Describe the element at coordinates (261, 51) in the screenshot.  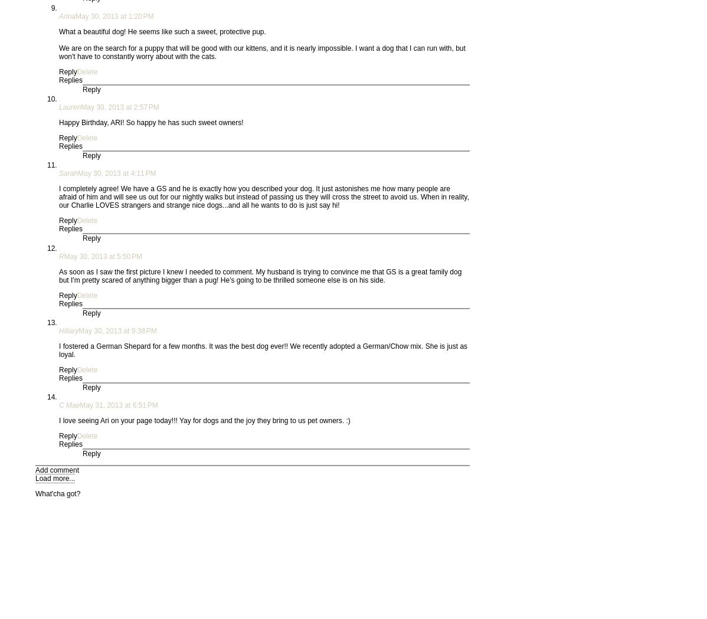
I see `'We are on the search for a puppy that will be good with our kittens, and it is nearly impossible. I want a dog that I can run with, but won't have to constantly worry about with the cats.'` at that location.